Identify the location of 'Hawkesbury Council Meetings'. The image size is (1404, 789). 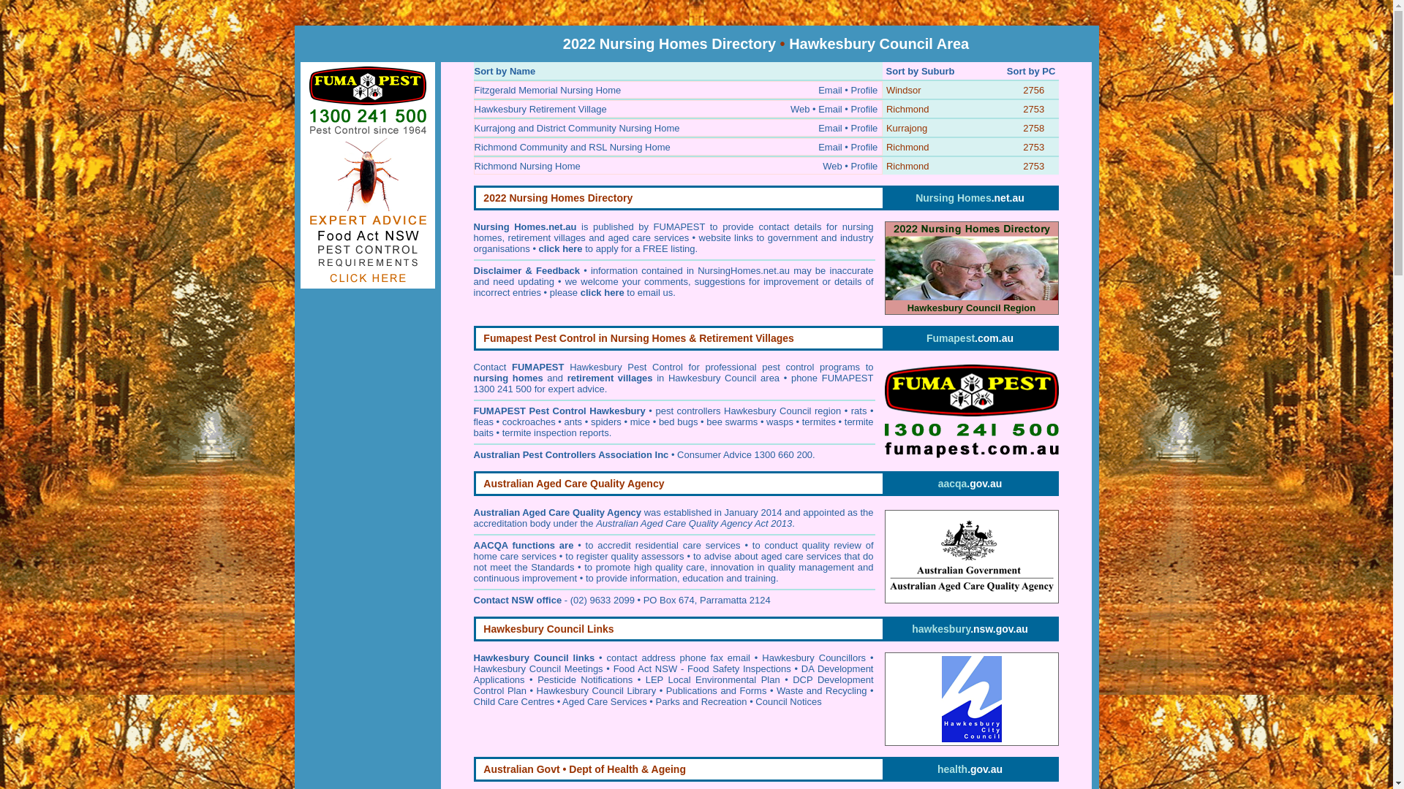
(537, 668).